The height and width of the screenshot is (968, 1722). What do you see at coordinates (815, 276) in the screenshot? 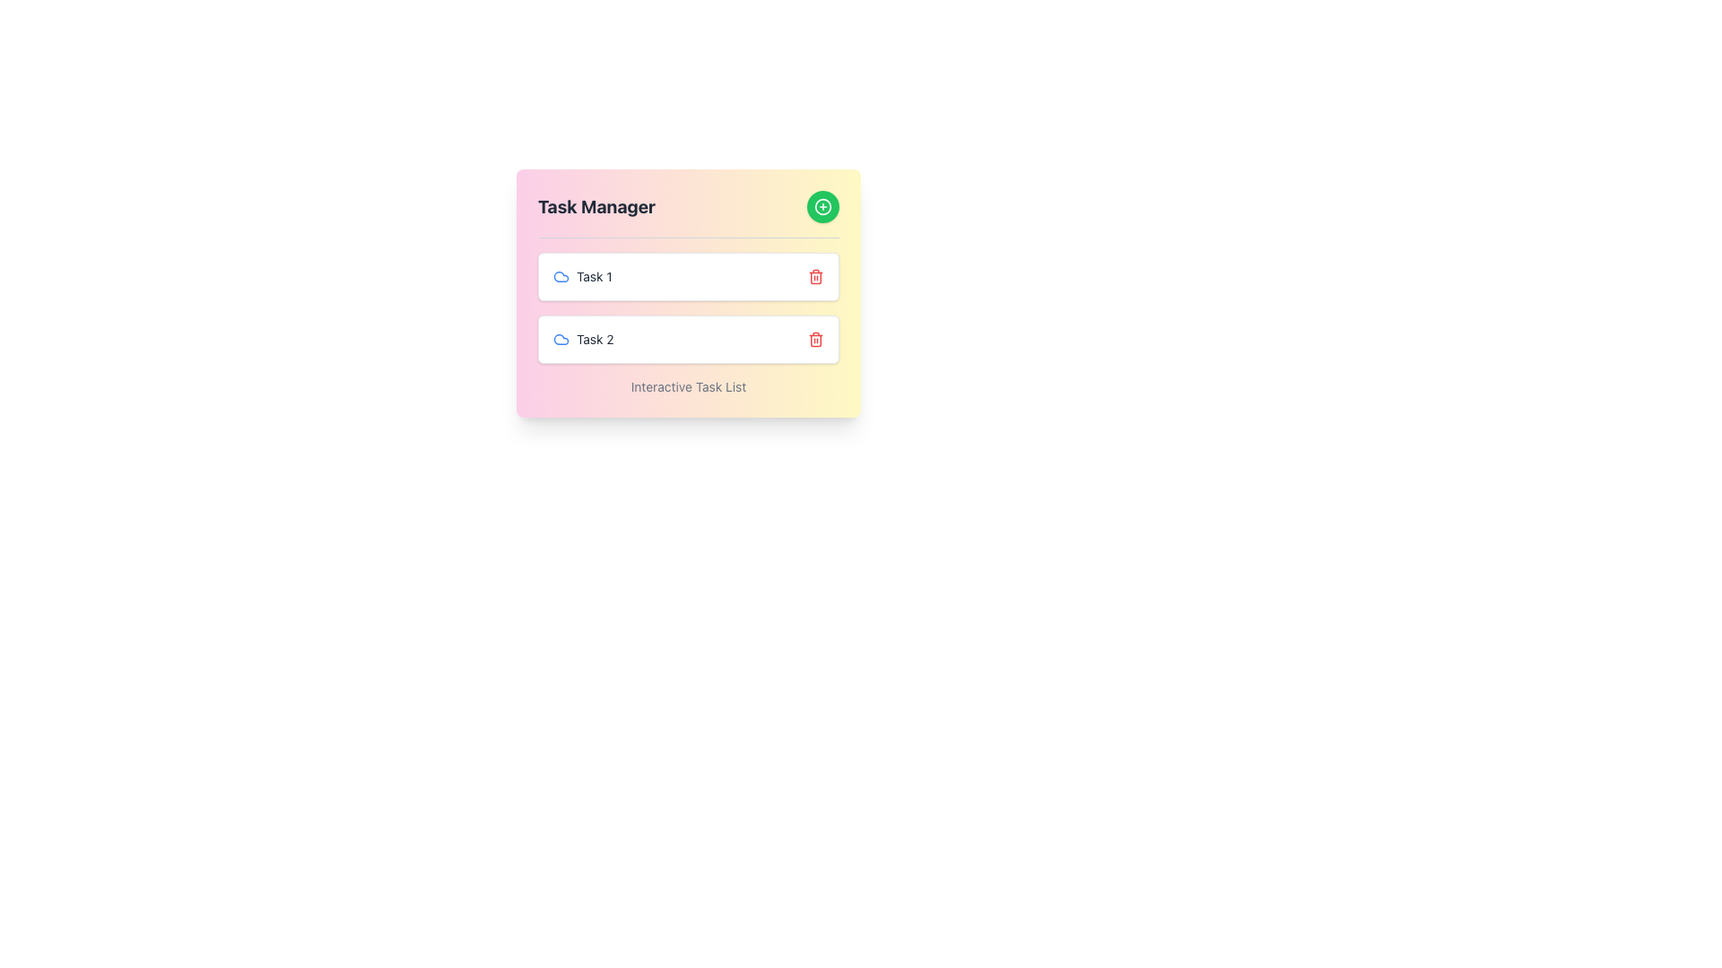
I see `the delete icon button located to the right of 'Task 1'` at bounding box center [815, 276].